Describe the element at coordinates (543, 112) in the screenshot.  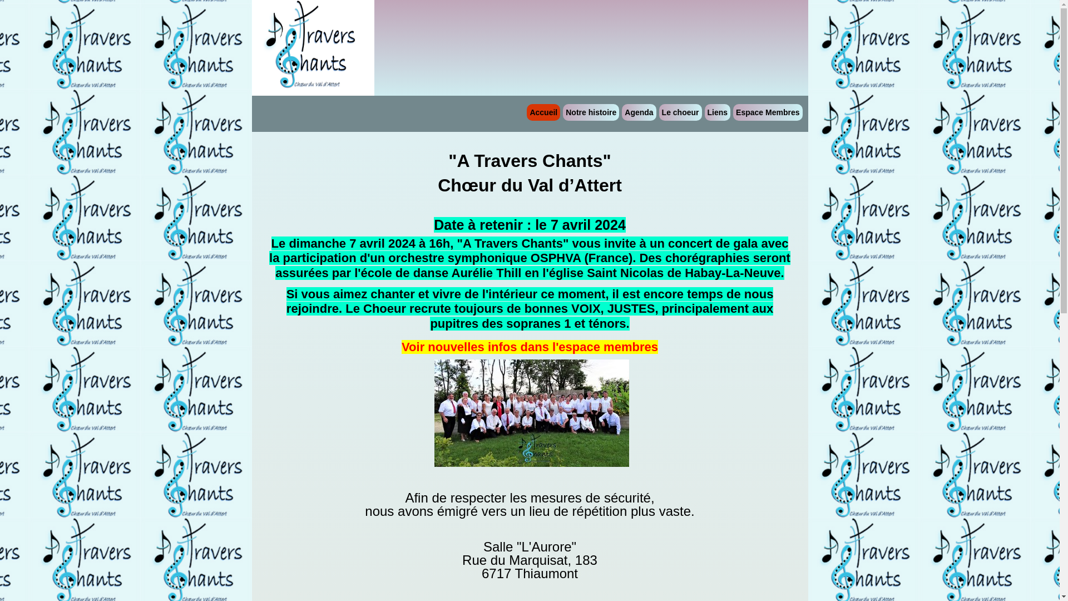
I see `'Accueil'` at that location.